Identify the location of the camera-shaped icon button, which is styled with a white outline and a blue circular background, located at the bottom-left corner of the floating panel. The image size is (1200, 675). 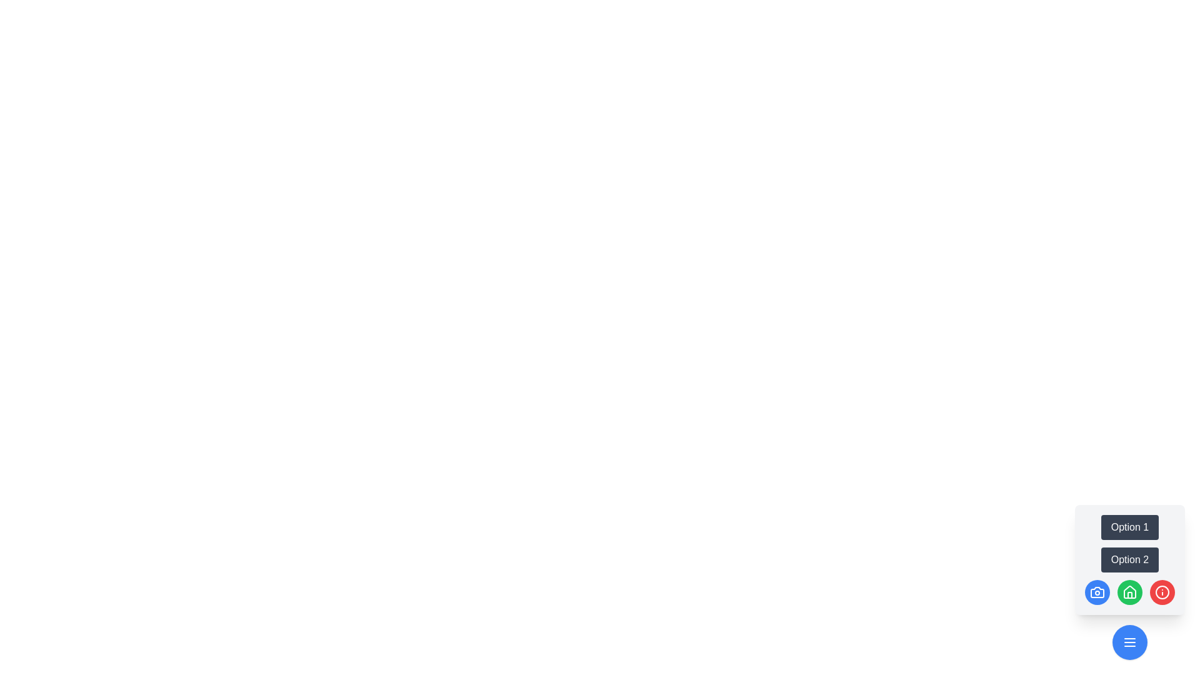
(1097, 592).